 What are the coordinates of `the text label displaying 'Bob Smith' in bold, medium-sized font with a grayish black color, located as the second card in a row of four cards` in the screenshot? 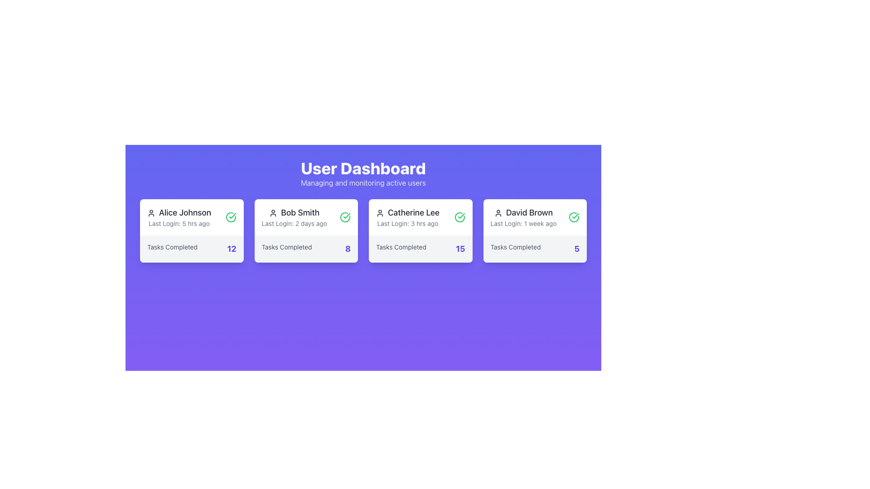 It's located at (294, 213).